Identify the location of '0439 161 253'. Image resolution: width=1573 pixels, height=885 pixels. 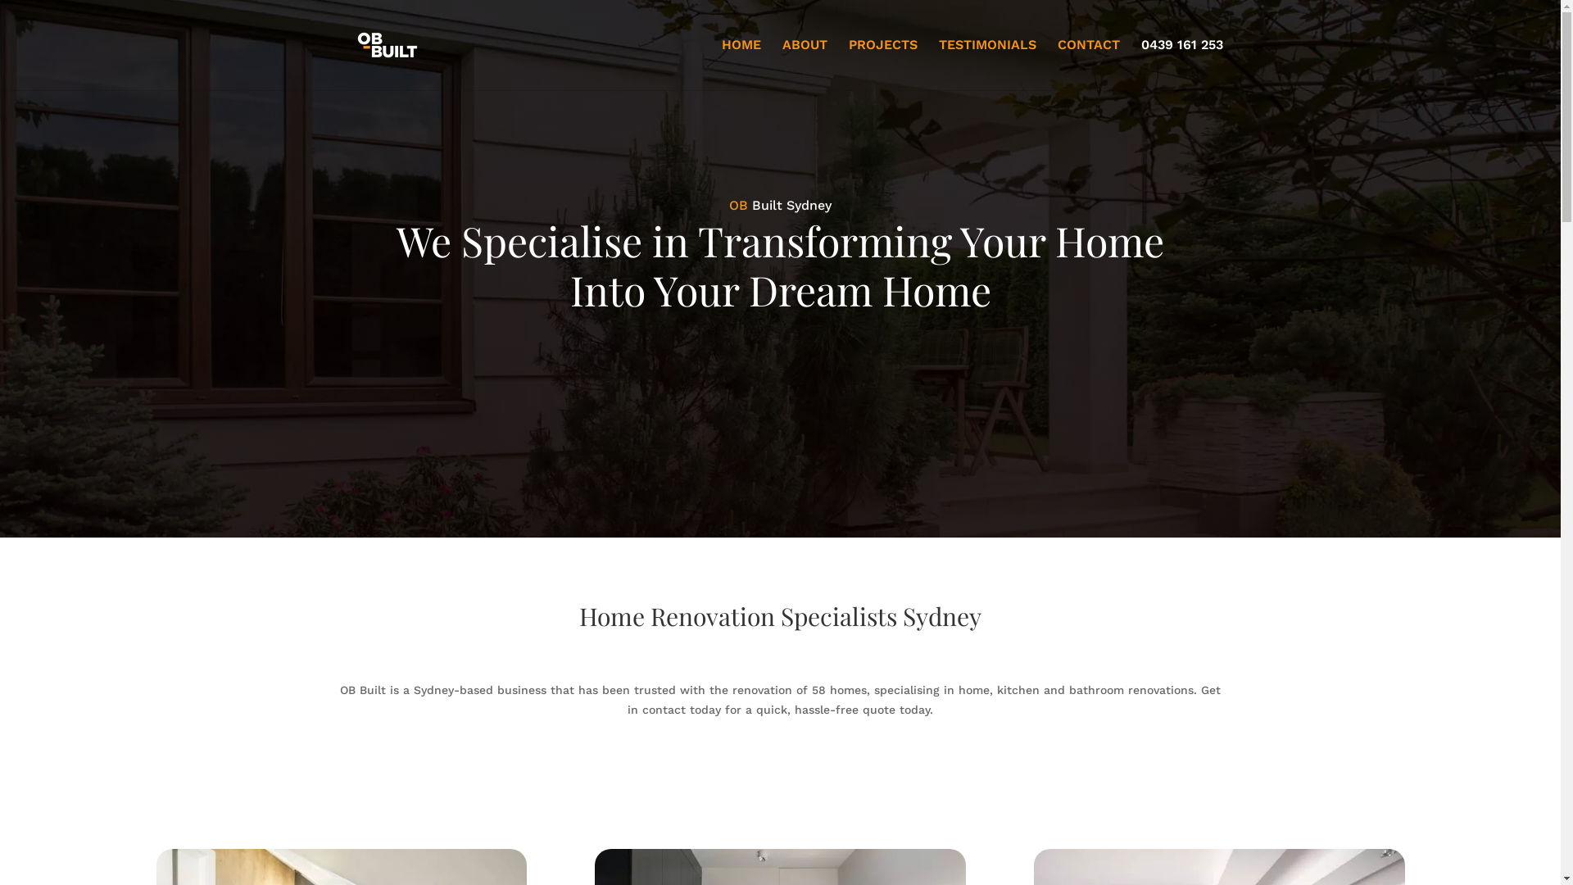
(1181, 63).